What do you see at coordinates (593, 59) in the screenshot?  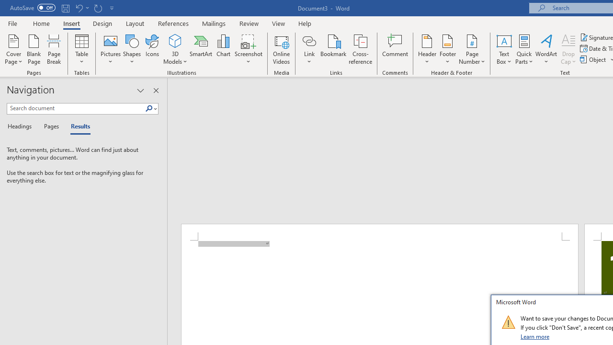 I see `'Object...'` at bounding box center [593, 59].